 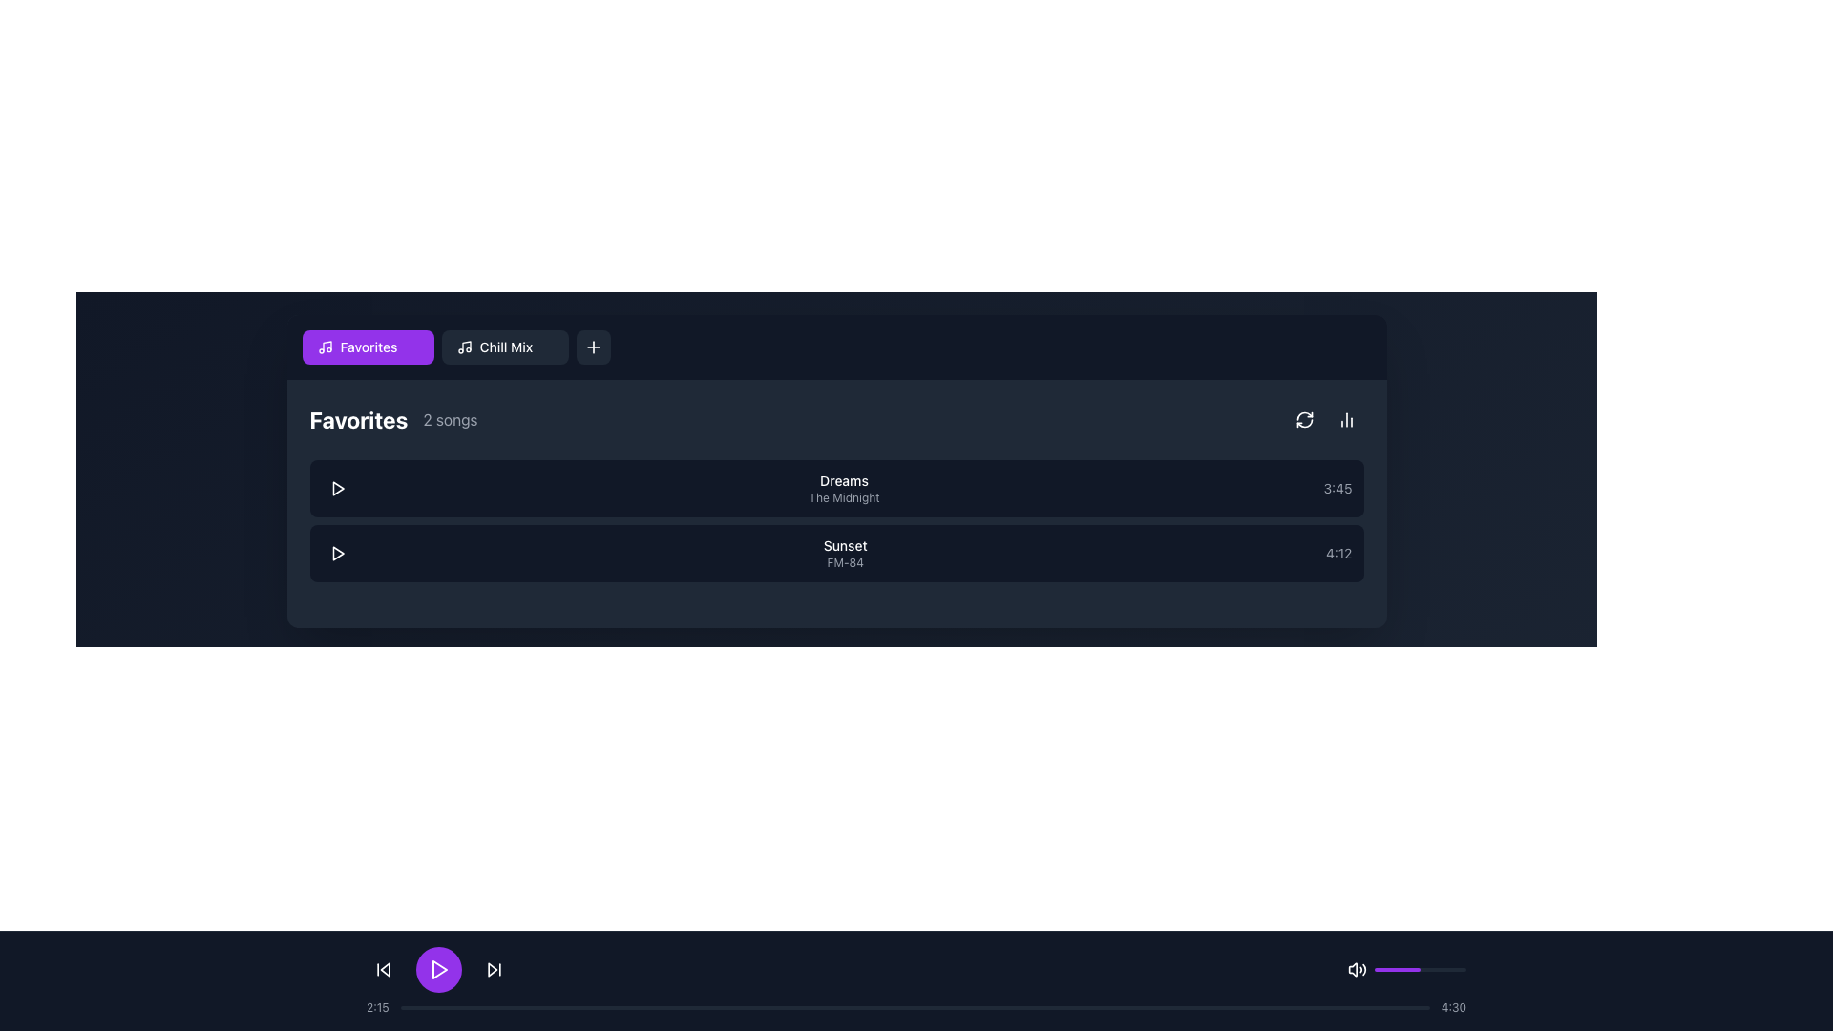 What do you see at coordinates (1398, 969) in the screenshot?
I see `slider position` at bounding box center [1398, 969].